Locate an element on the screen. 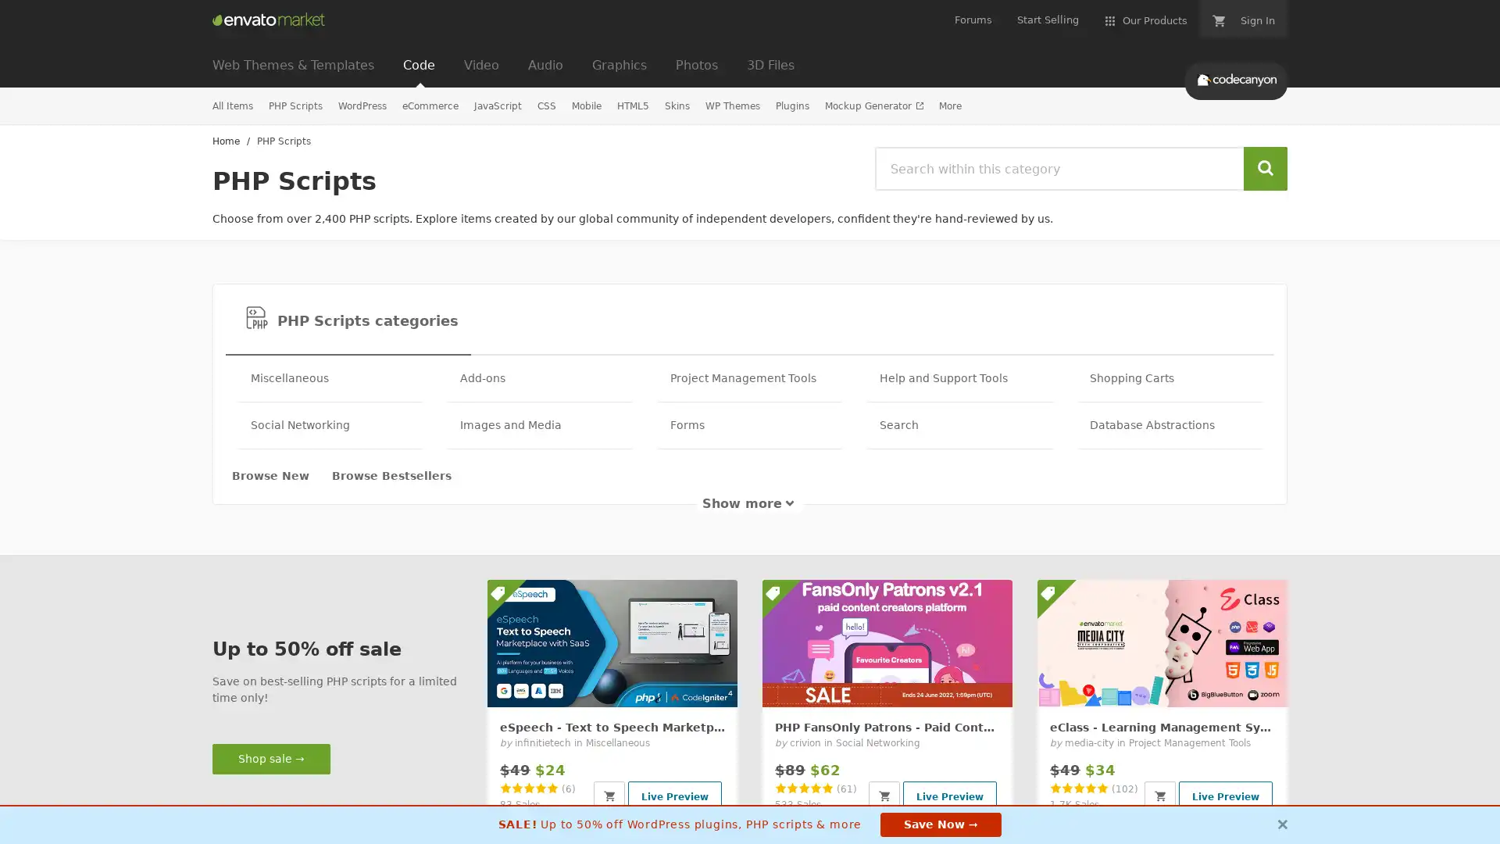  Add to cart is located at coordinates (884, 796).